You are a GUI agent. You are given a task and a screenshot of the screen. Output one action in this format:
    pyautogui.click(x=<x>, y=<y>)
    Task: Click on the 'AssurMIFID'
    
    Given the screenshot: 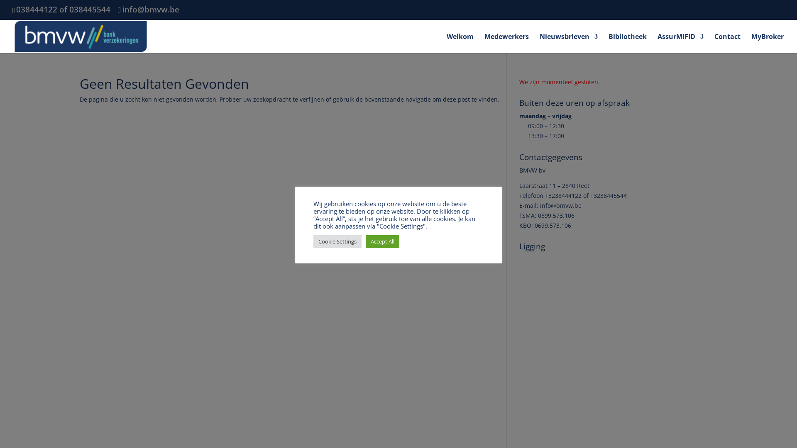 What is the action you would take?
    pyautogui.click(x=680, y=43)
    